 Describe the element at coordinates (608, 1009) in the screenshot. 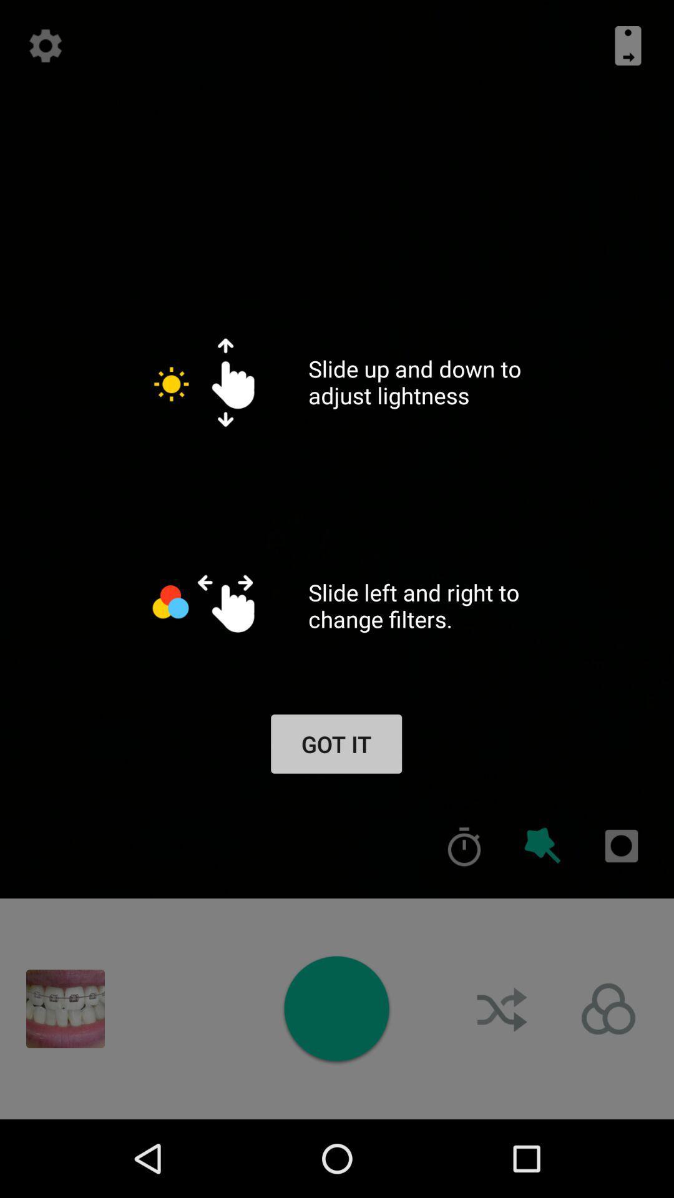

I see `three circles connected to one another for changing filters` at that location.